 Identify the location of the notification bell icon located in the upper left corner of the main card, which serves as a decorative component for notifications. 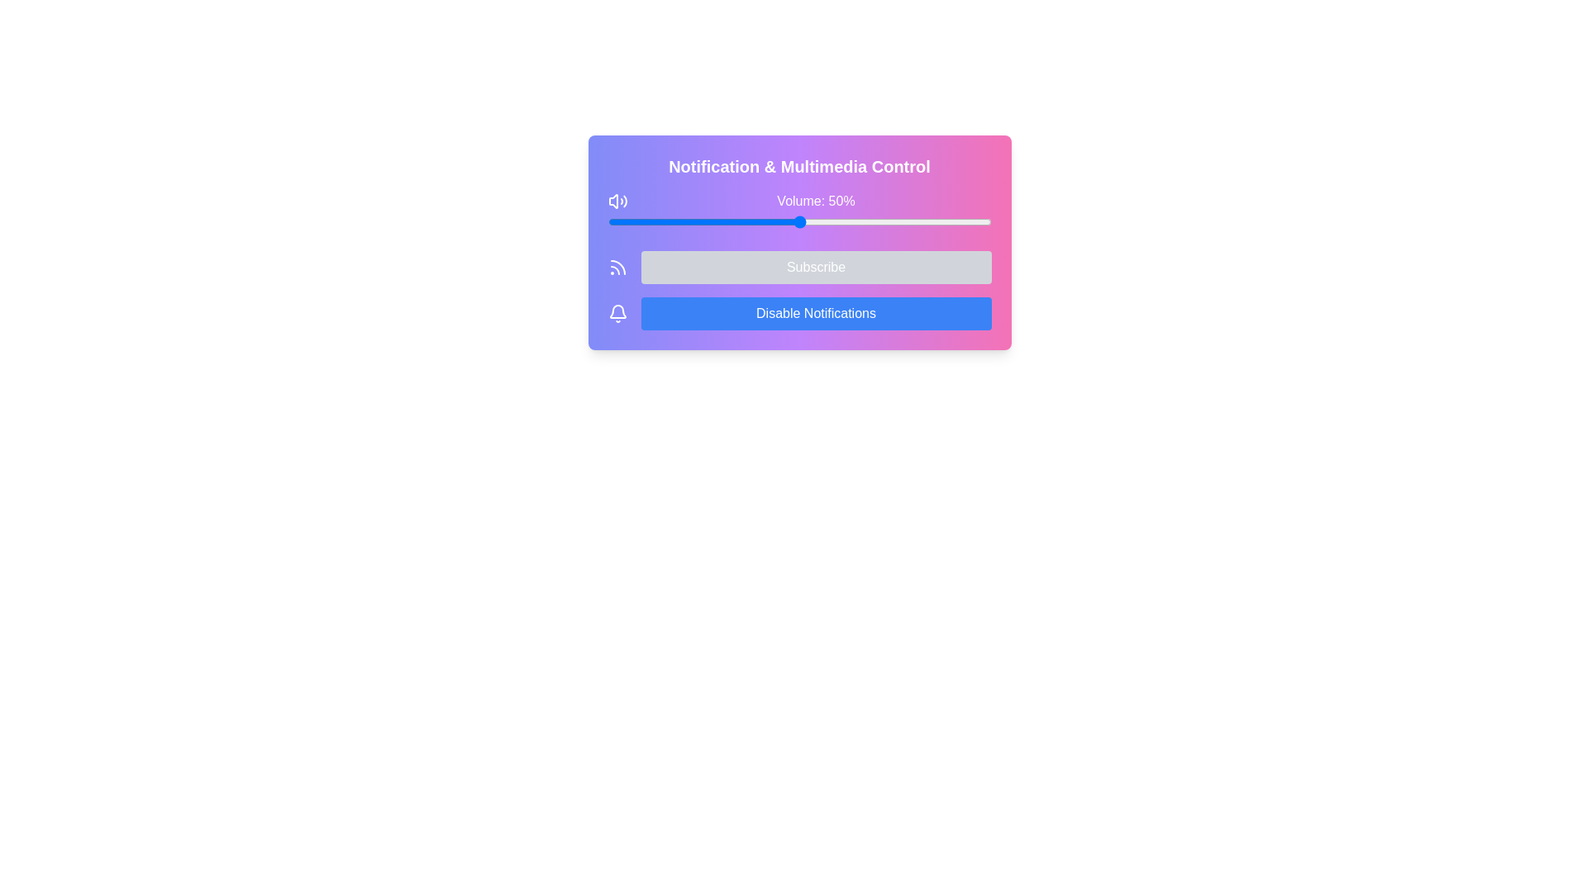
(617, 311).